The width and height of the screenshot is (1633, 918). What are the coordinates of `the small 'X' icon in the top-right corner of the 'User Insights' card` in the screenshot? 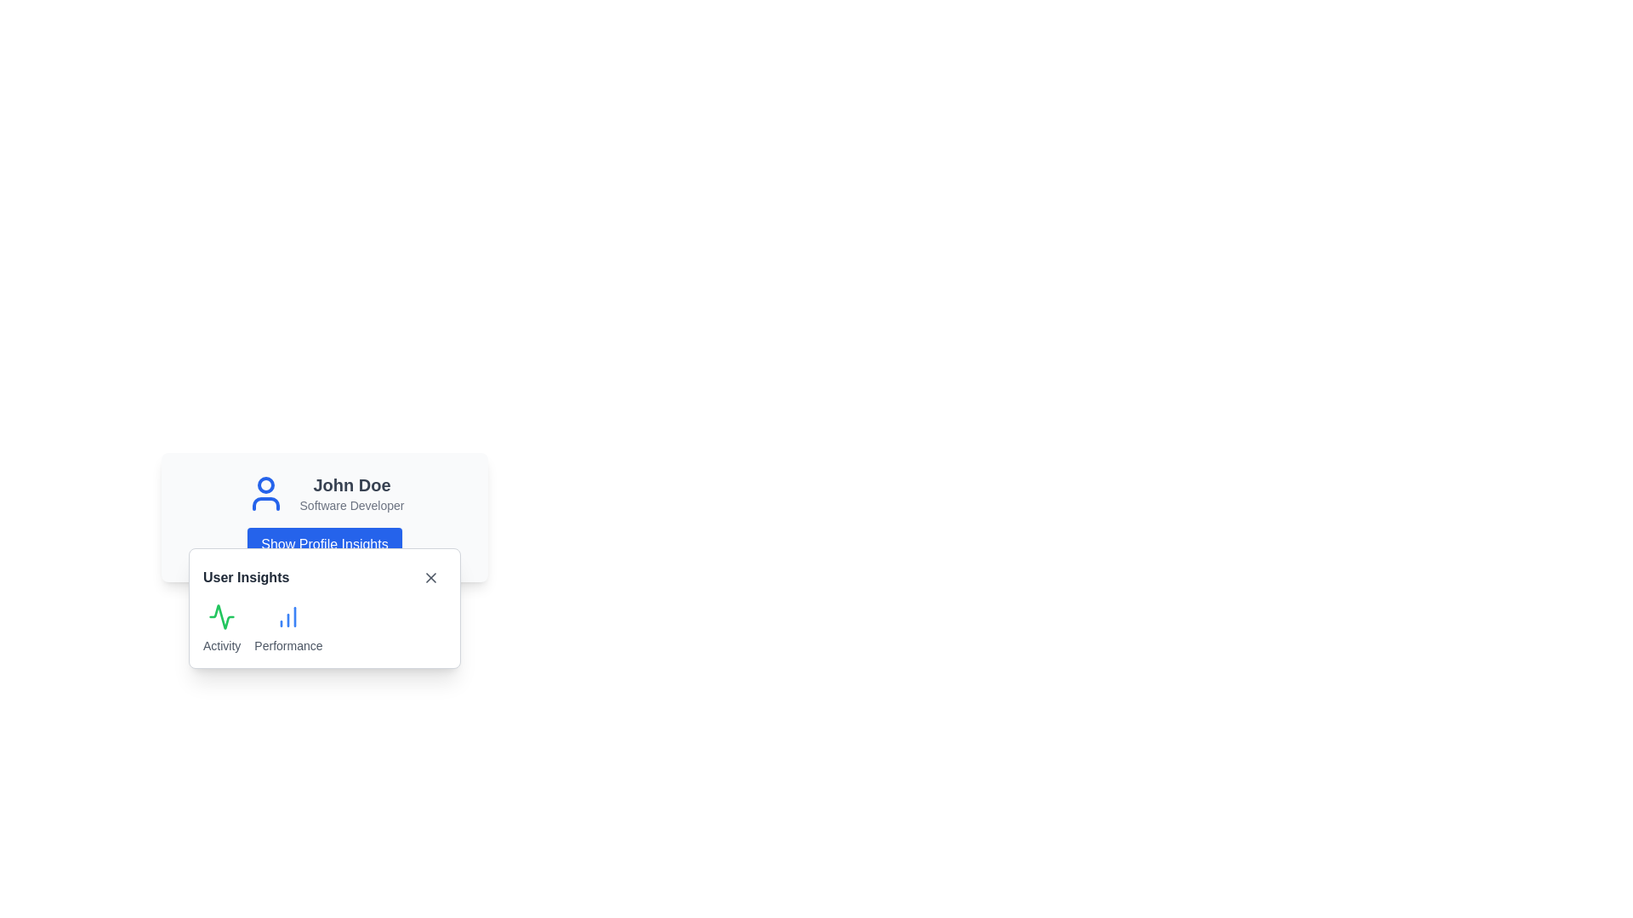 It's located at (431, 576).